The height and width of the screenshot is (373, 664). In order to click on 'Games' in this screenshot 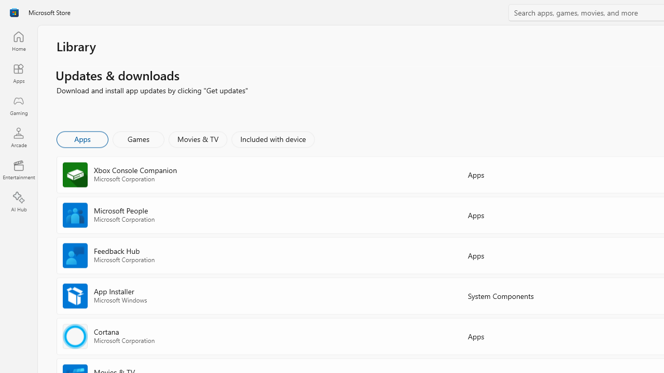, I will do `click(138, 138)`.